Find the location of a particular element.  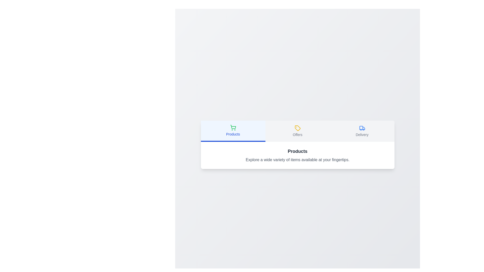

the tab labeled Products by clicking on its button is located at coordinates (233, 131).